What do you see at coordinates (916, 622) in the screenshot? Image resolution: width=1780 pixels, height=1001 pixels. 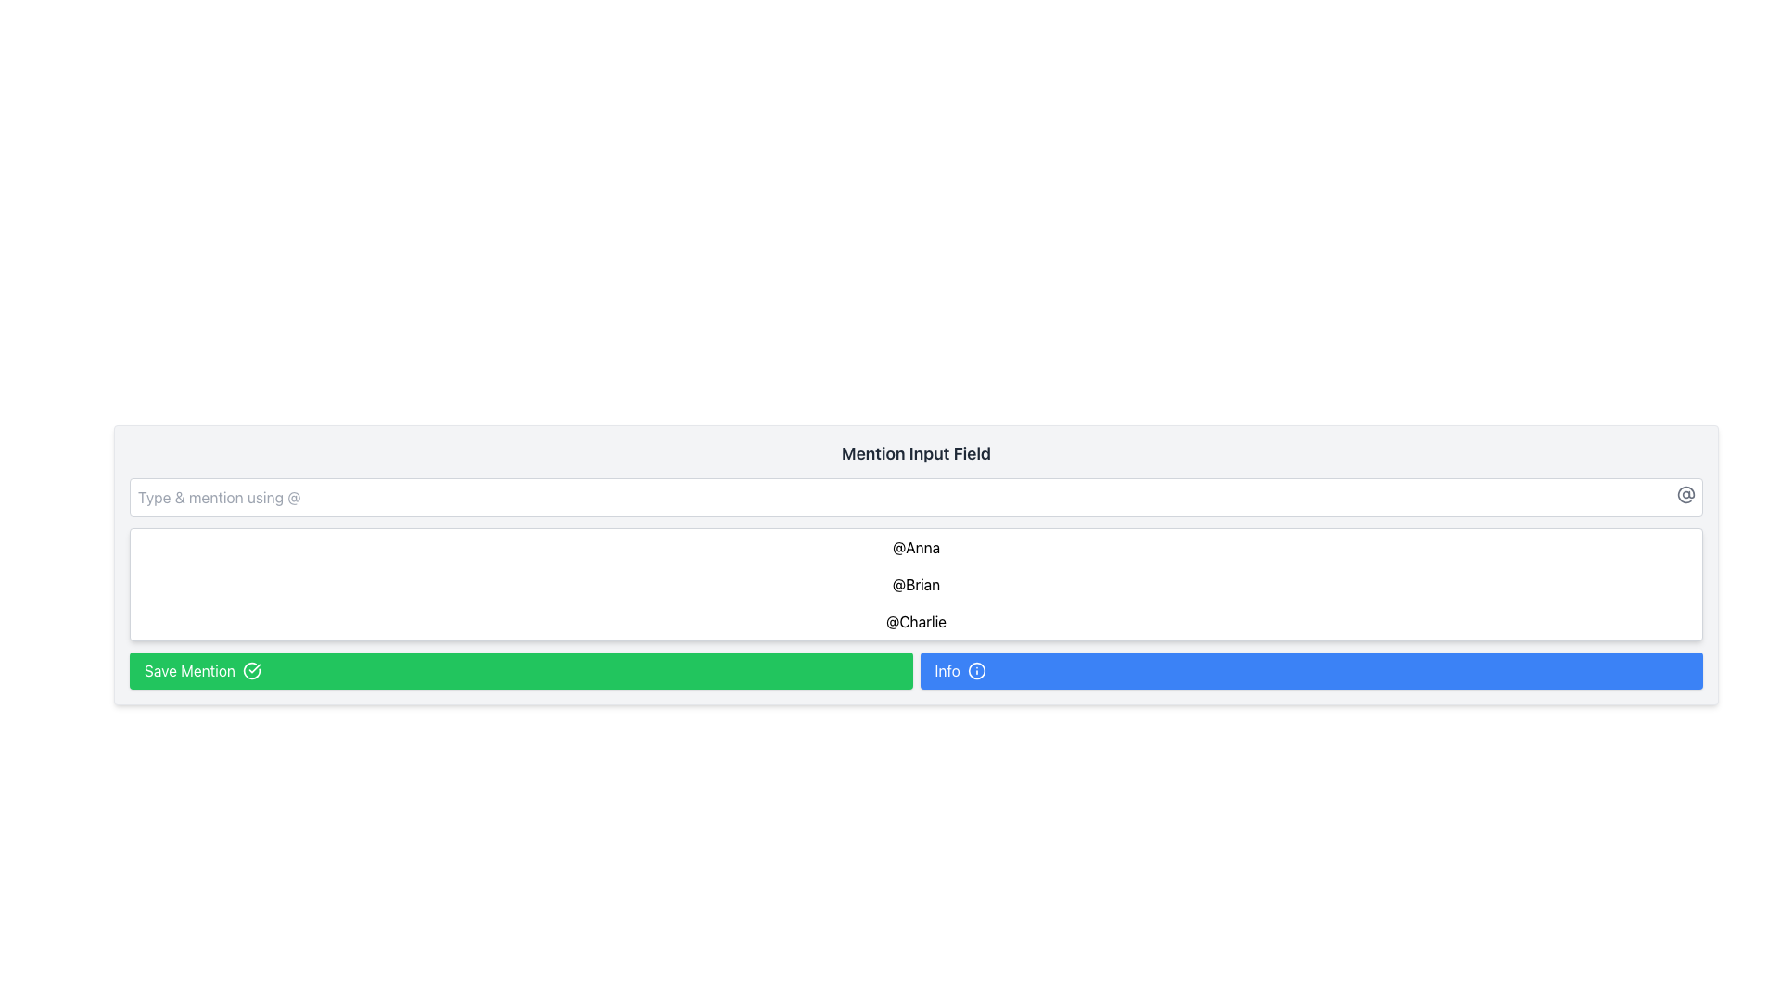 I see `the Text Button displaying '@Charlie' to trigger the background change effect` at bounding box center [916, 622].